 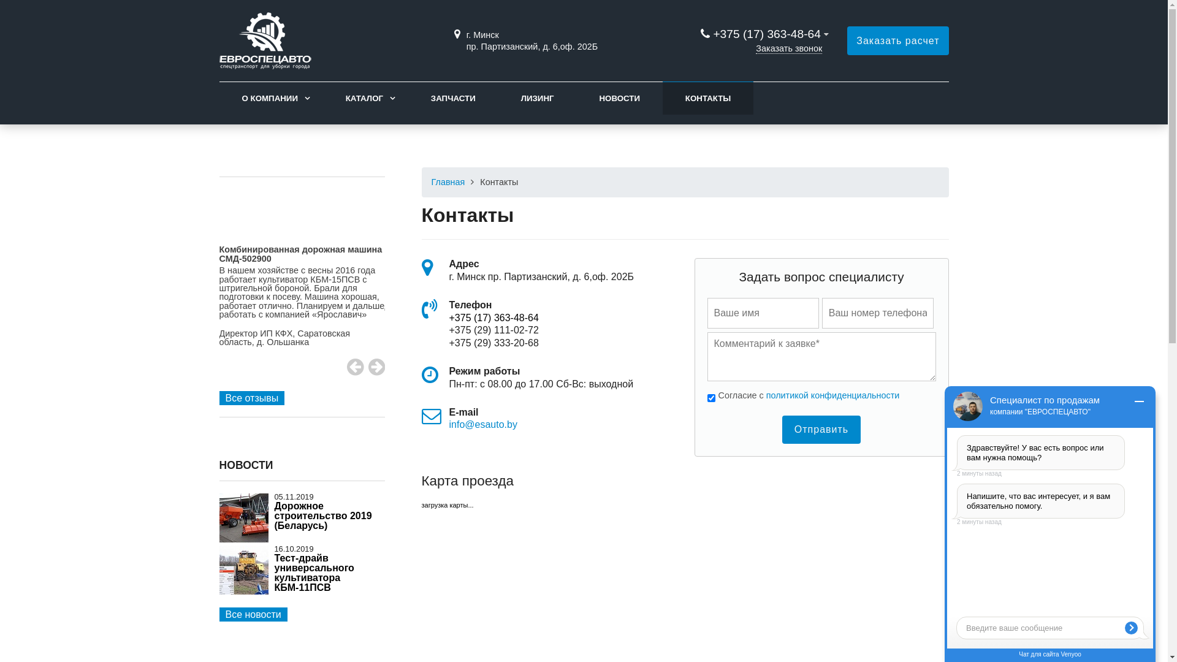 I want to click on '+375 (29) 333-20-68', so click(x=493, y=343).